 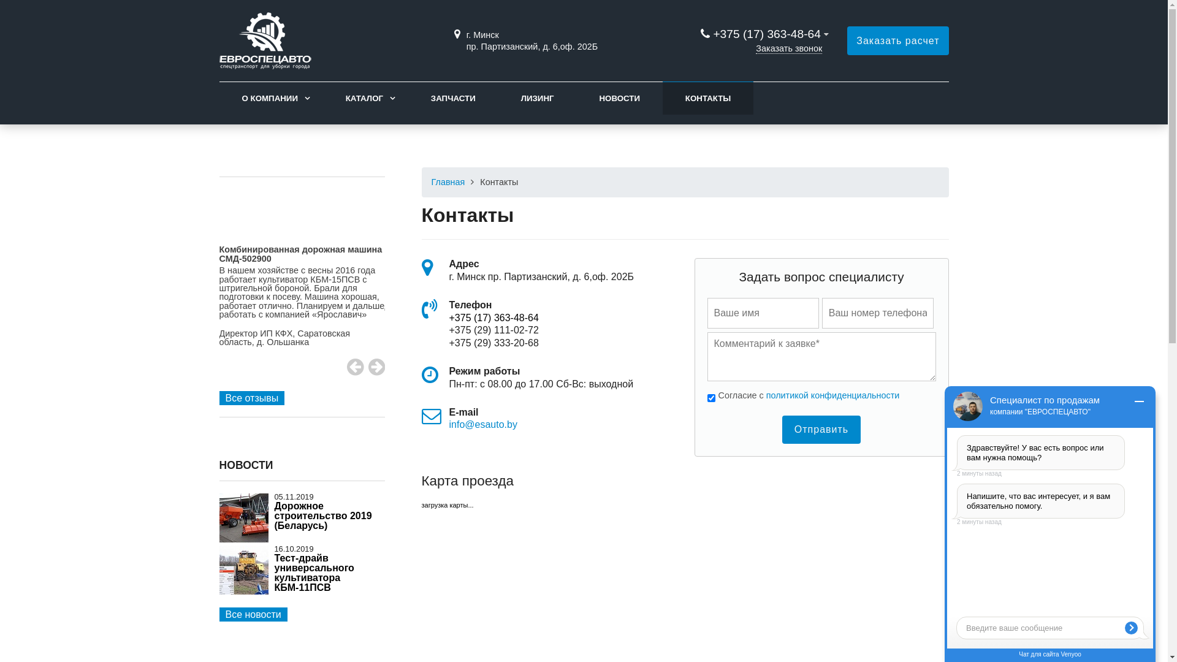 I want to click on '+375 (29) 333-20-68', so click(x=493, y=343).